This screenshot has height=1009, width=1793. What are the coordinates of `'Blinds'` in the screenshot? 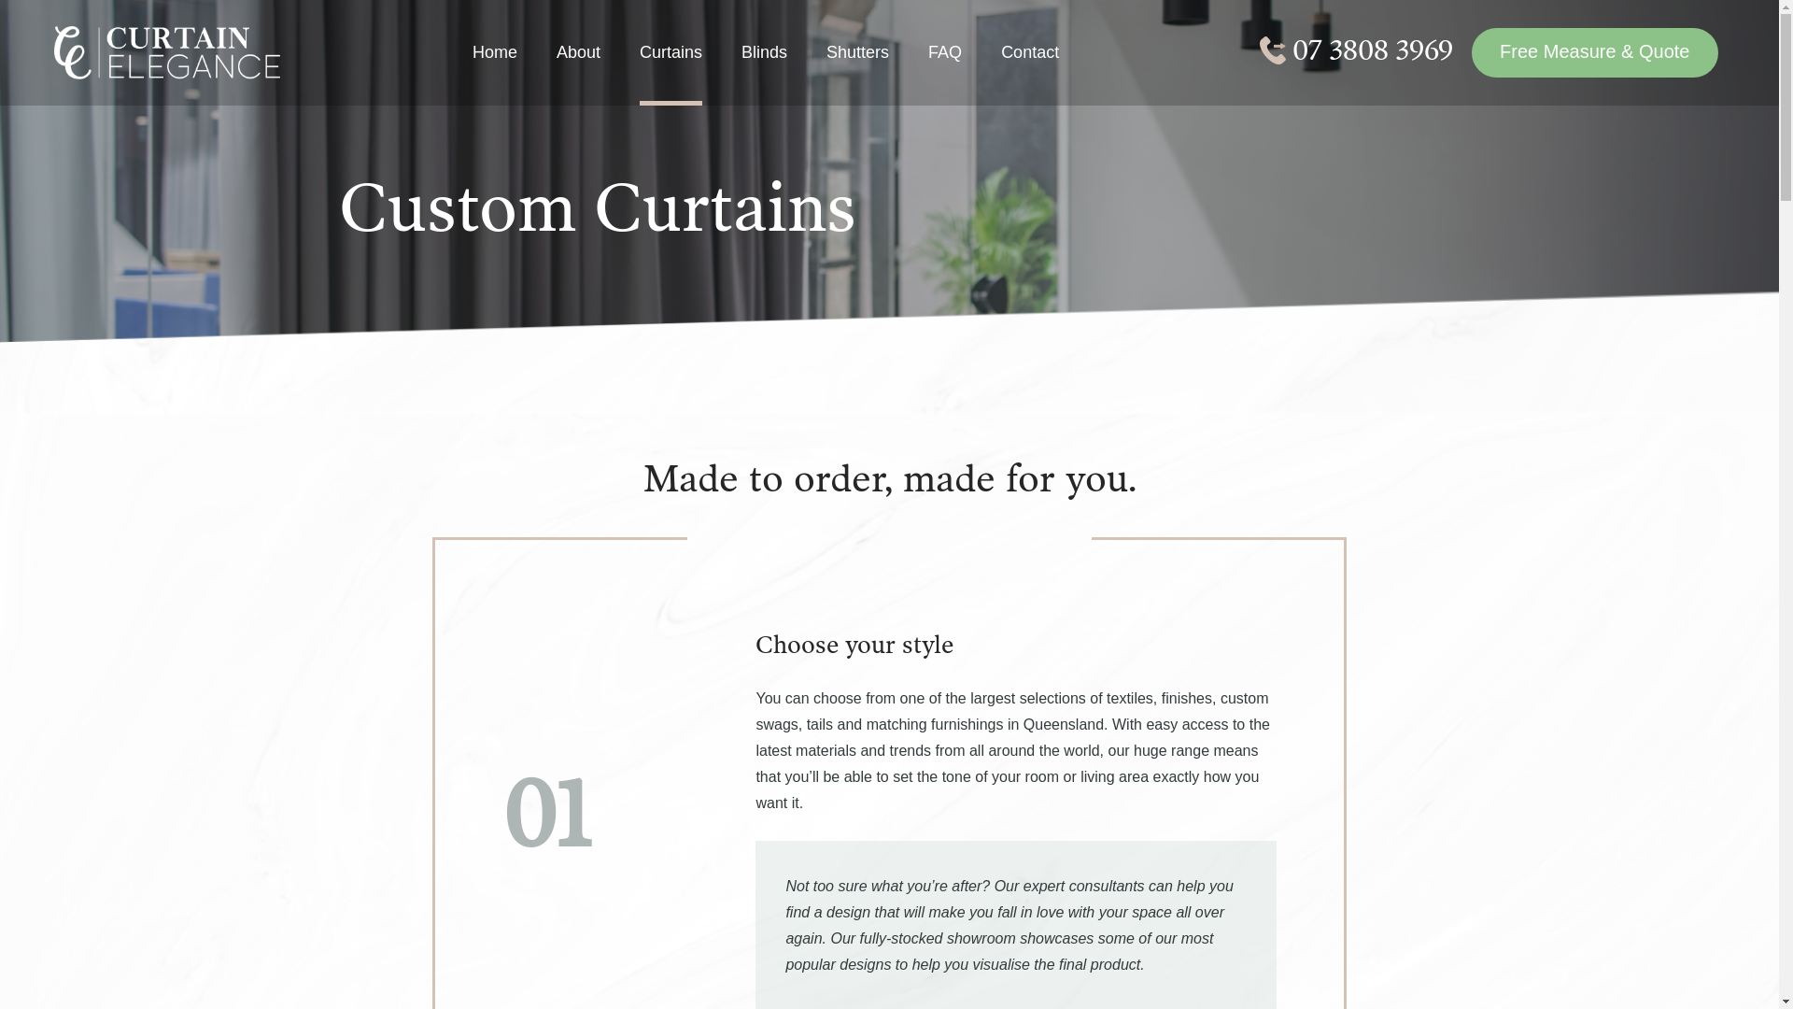 It's located at (764, 71).